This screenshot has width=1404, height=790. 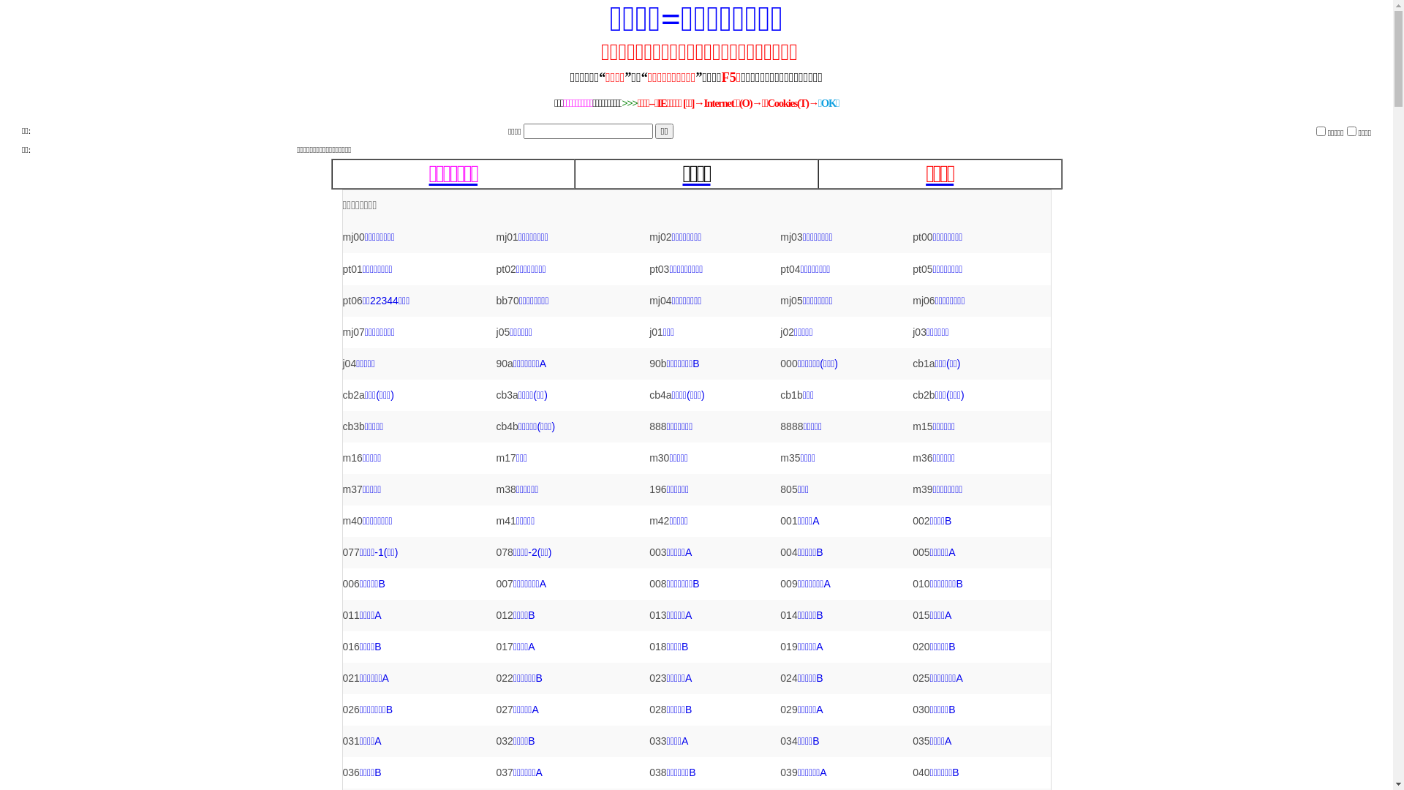 What do you see at coordinates (790, 236) in the screenshot?
I see `'mj03'` at bounding box center [790, 236].